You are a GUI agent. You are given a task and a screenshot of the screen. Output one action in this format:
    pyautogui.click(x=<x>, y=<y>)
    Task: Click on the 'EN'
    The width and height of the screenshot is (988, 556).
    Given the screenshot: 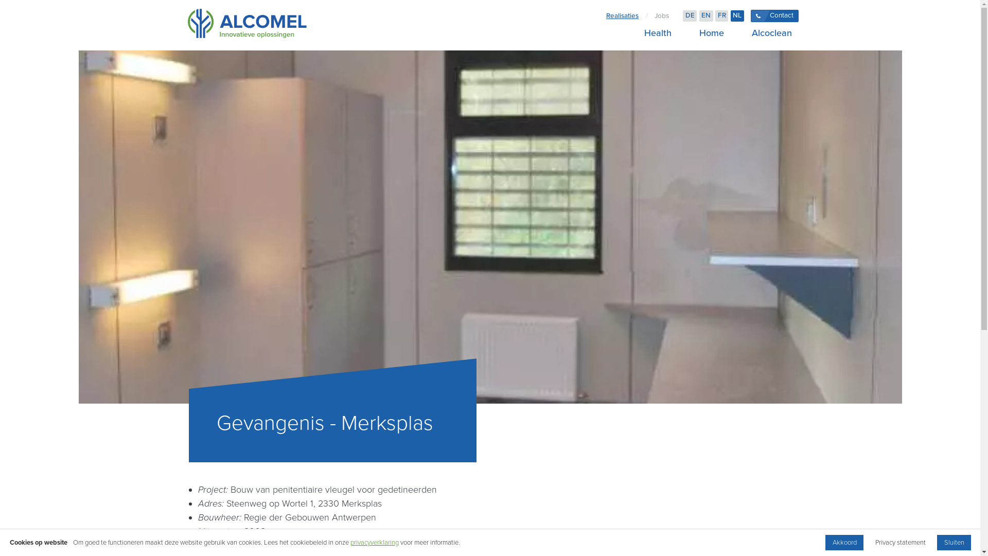 What is the action you would take?
    pyautogui.click(x=699, y=16)
    